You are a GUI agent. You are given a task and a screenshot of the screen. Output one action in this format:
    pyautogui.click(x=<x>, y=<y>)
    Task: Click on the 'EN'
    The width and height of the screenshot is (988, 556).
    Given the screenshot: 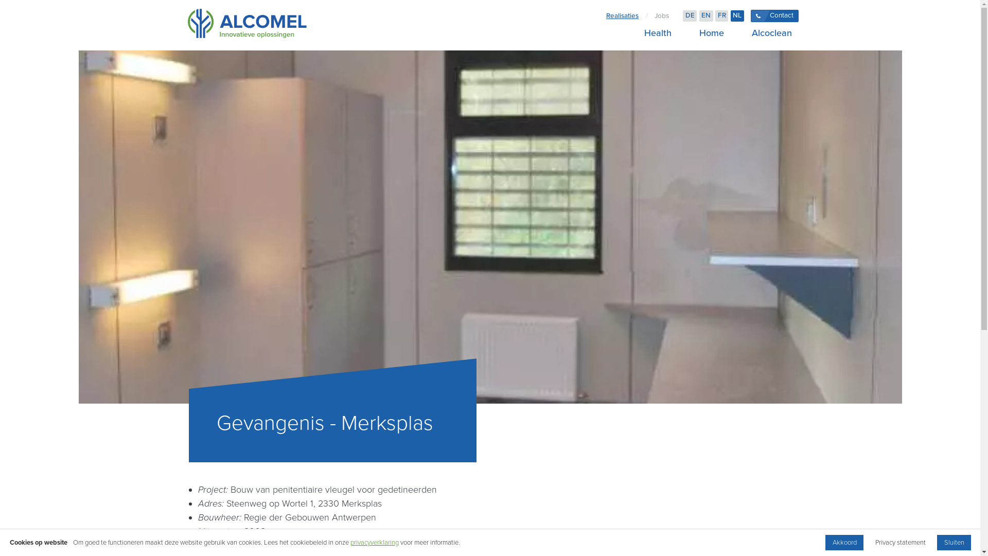 What is the action you would take?
    pyautogui.click(x=699, y=16)
    